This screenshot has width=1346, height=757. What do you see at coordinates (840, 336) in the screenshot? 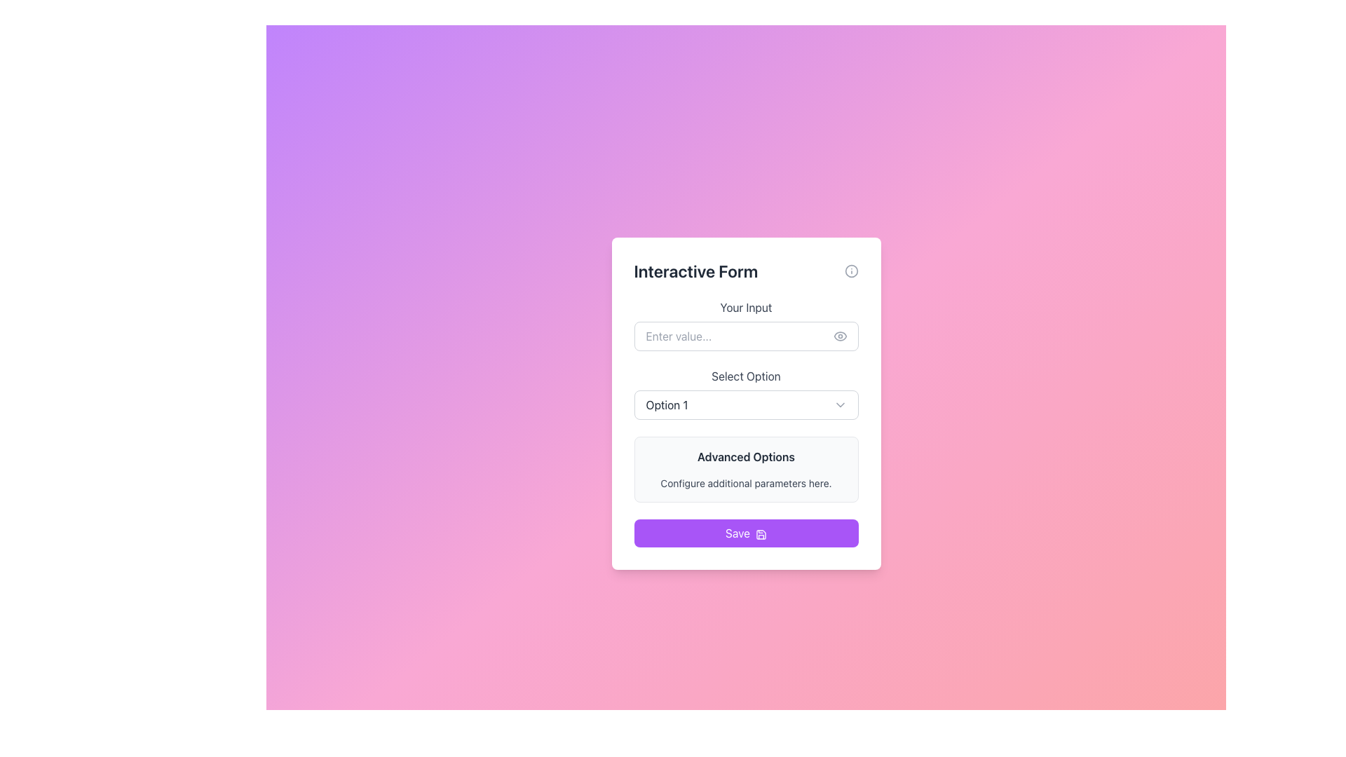
I see `the Toggle visibility icon located to the right of the 'Enter value...' input field` at bounding box center [840, 336].